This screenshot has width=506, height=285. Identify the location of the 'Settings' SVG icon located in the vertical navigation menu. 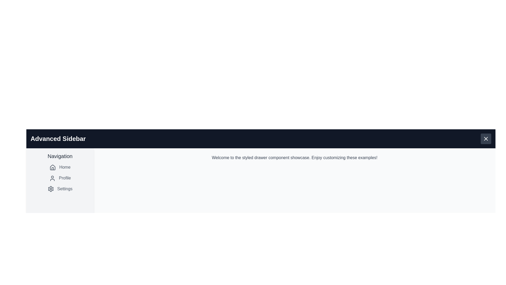
(51, 189).